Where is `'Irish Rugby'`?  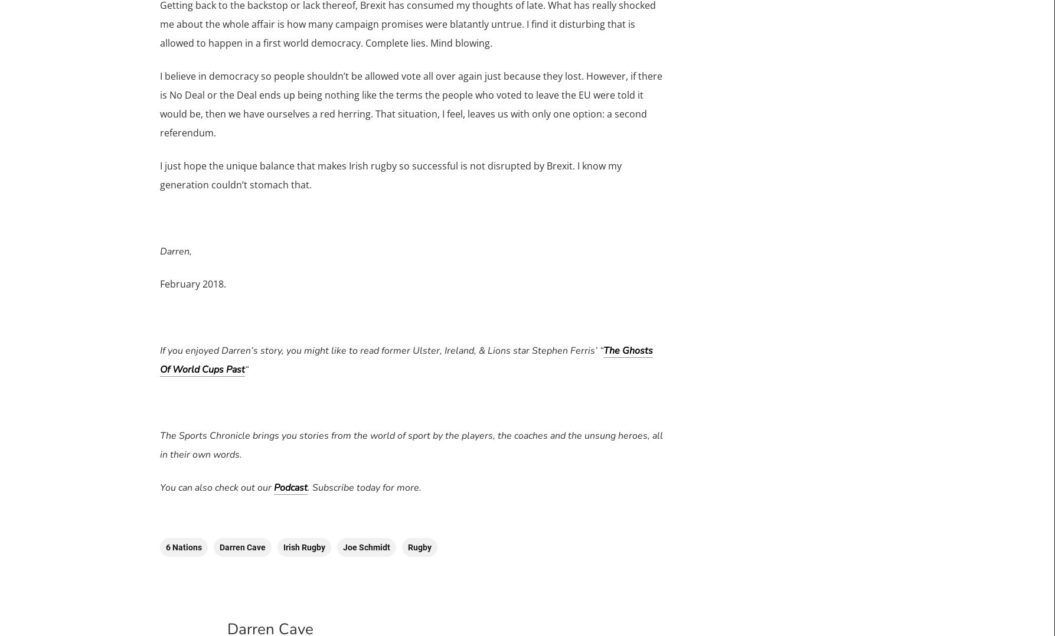 'Irish Rugby' is located at coordinates (303, 546).